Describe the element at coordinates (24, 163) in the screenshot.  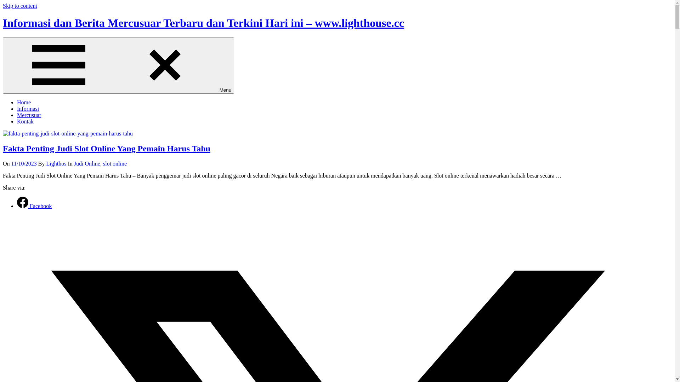
I see `'11/10/2023'` at that location.